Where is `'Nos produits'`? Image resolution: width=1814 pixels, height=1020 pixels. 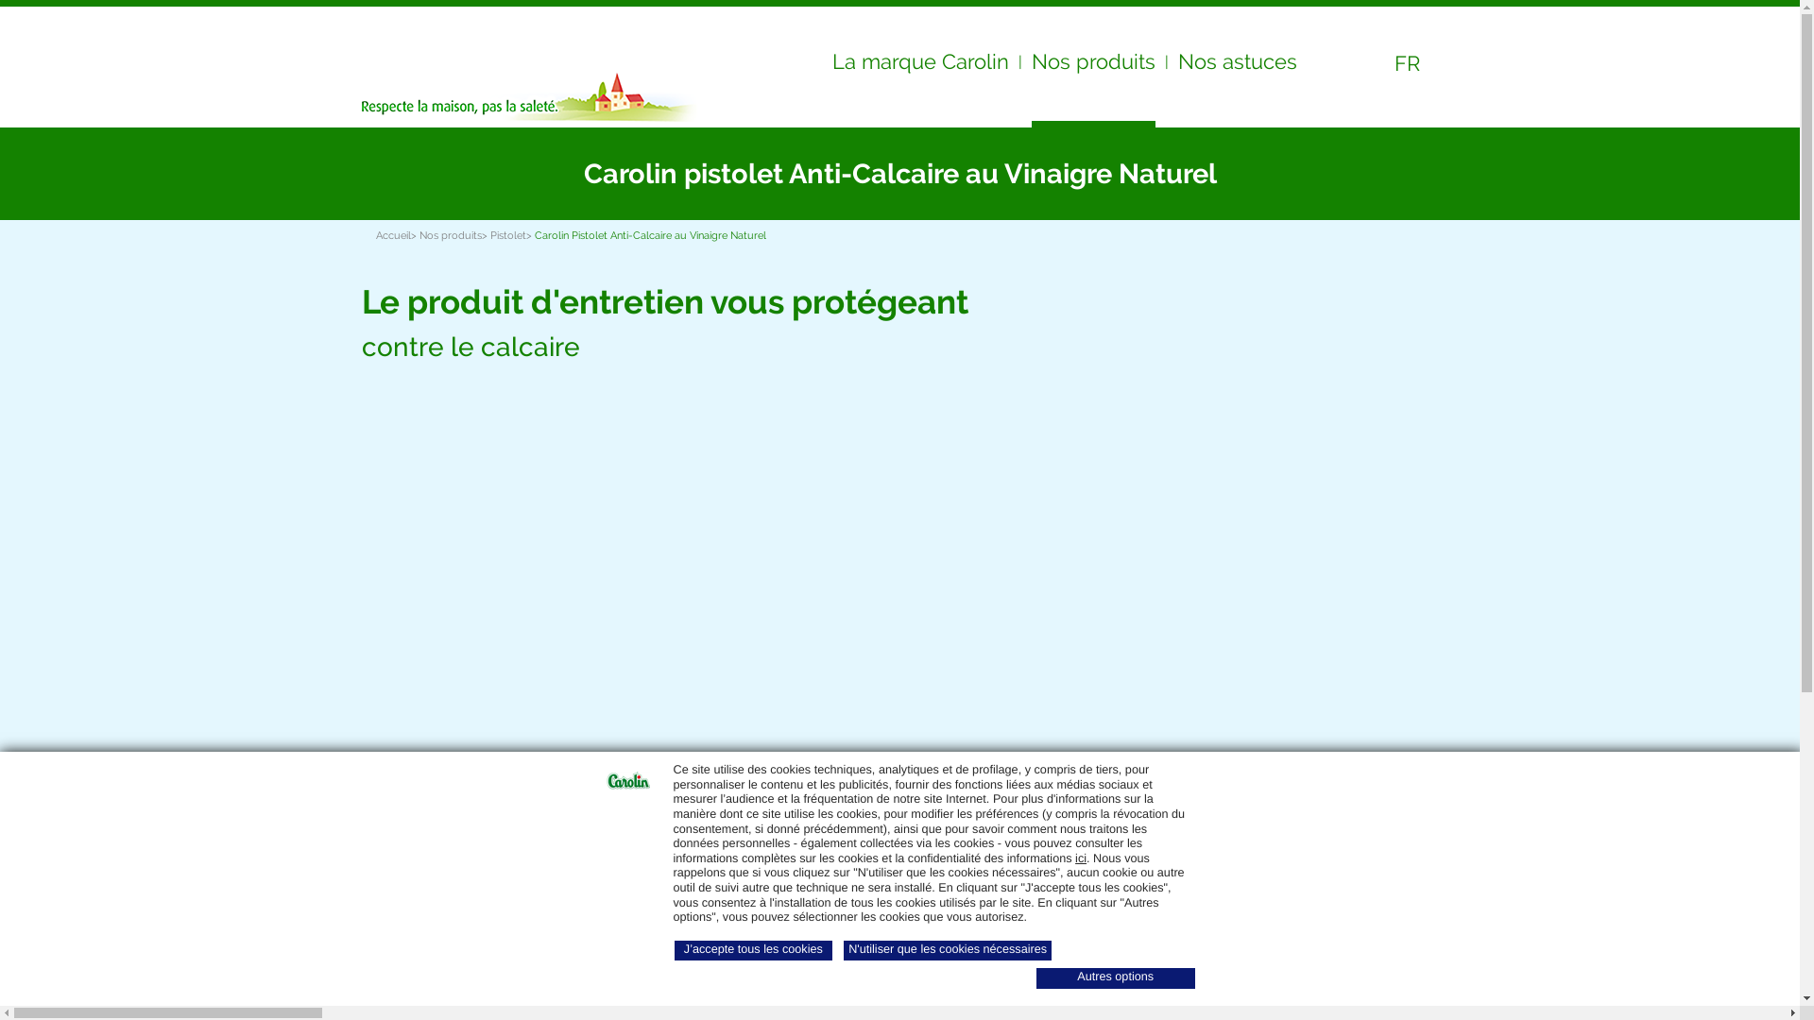
'Nos produits' is located at coordinates (1093, 69).